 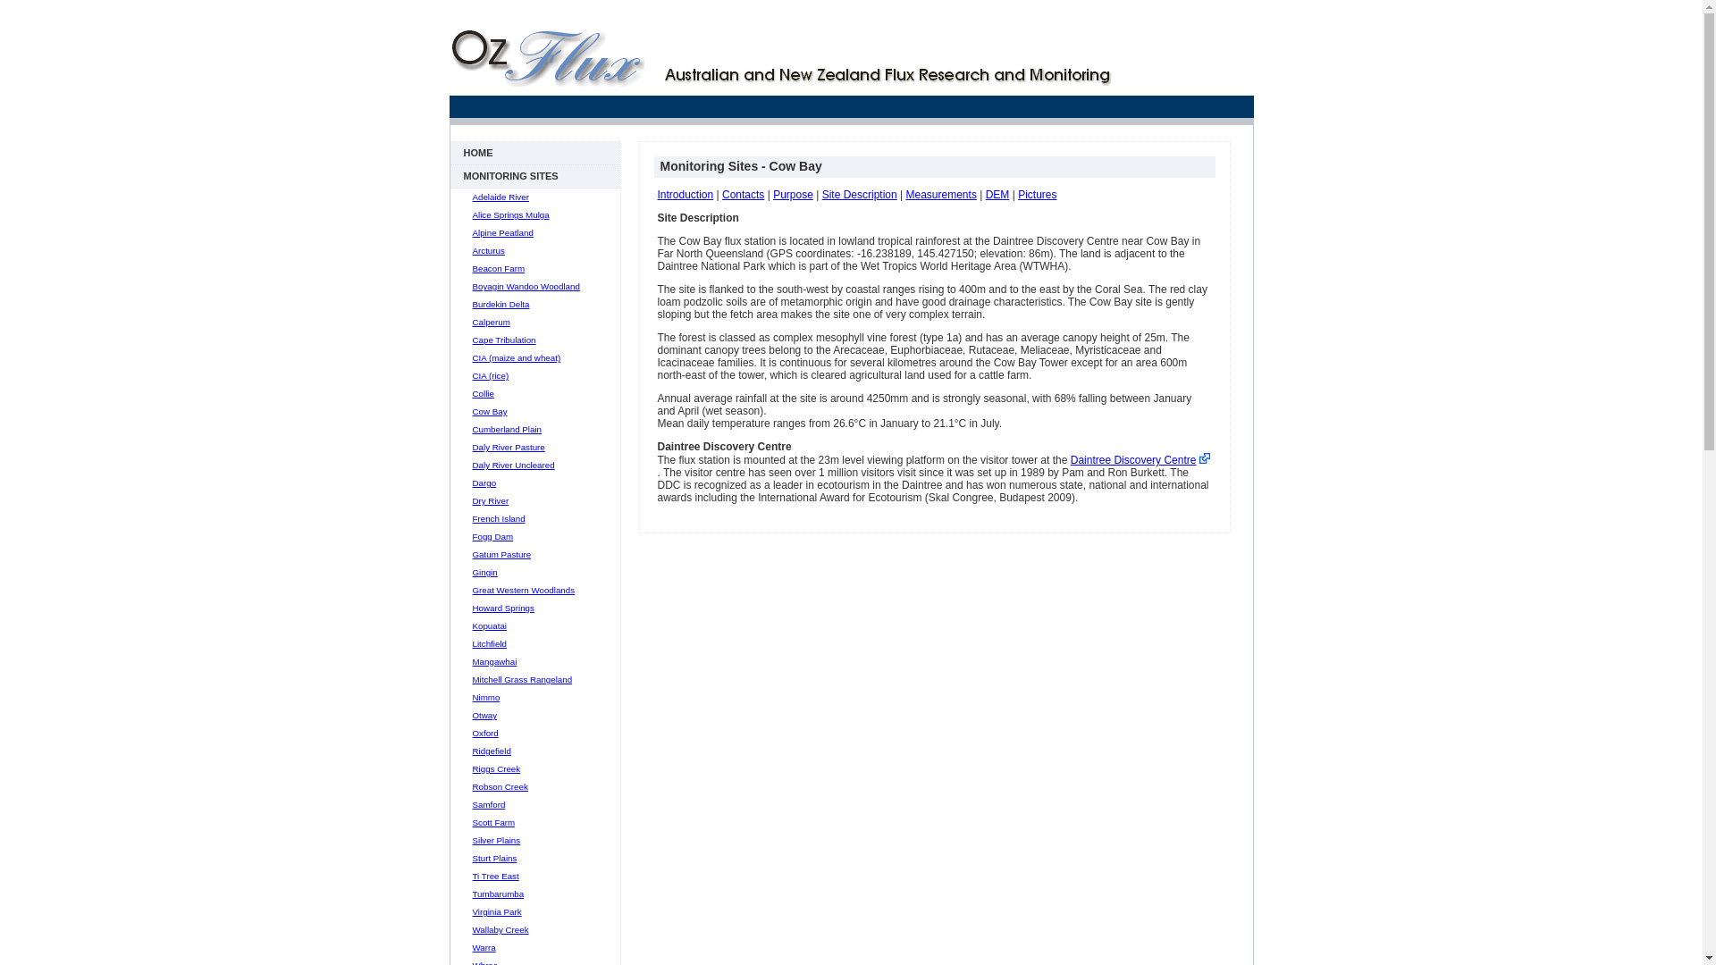 What do you see at coordinates (792, 195) in the screenshot?
I see `'Purpose'` at bounding box center [792, 195].